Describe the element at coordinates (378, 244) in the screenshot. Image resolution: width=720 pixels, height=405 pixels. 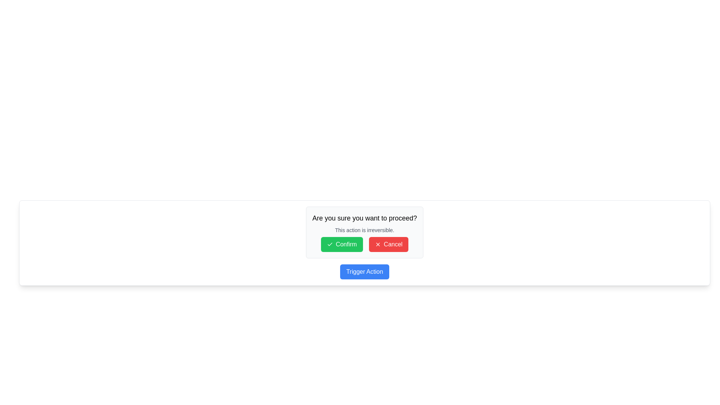
I see `the cancellation icon located to the left of the 'Cancel' button text` at that location.